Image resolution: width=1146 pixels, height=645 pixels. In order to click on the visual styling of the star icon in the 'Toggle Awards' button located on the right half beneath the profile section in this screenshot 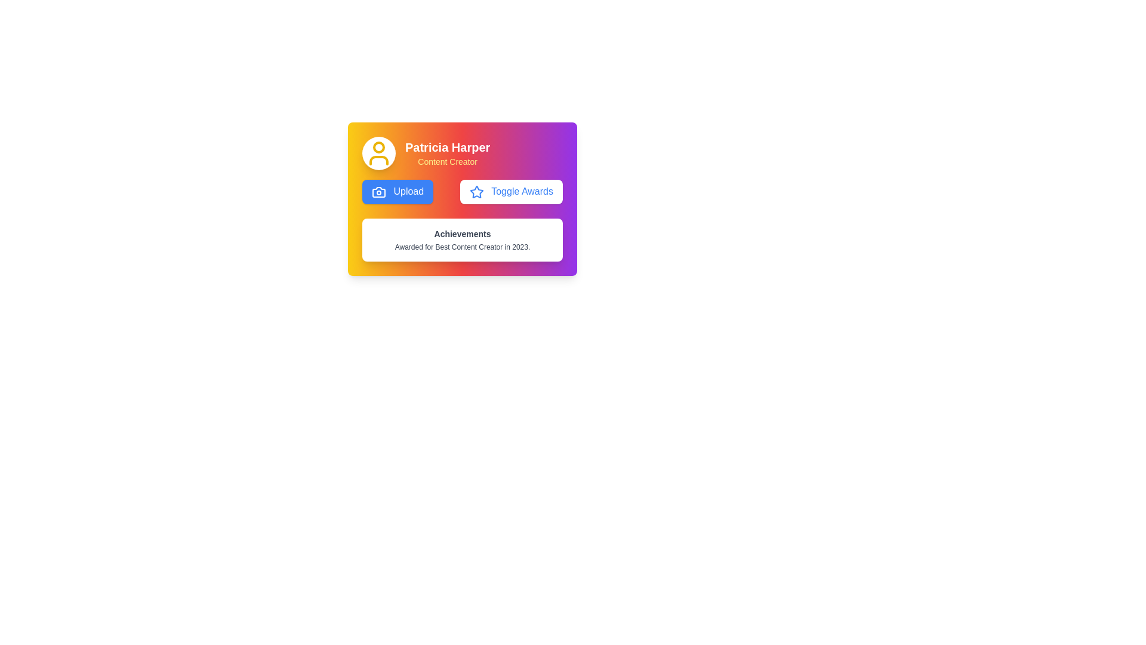, I will do `click(476, 191)`.